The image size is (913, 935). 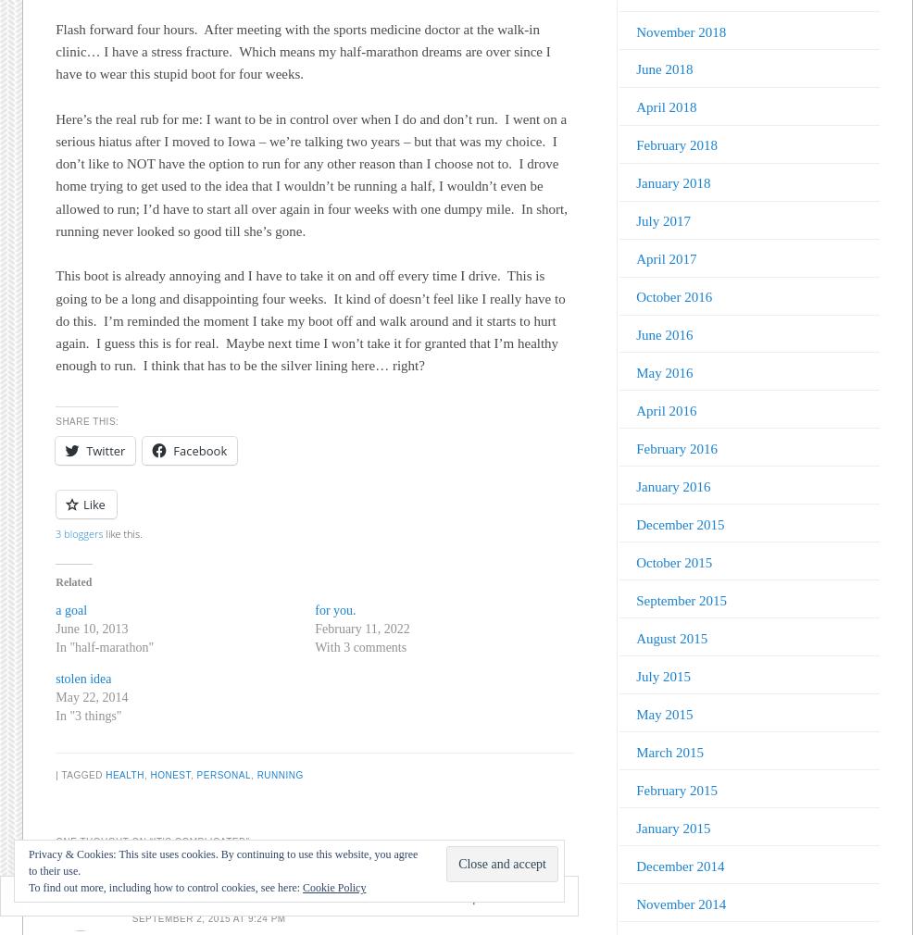 I want to click on 'Twitter', so click(x=85, y=451).